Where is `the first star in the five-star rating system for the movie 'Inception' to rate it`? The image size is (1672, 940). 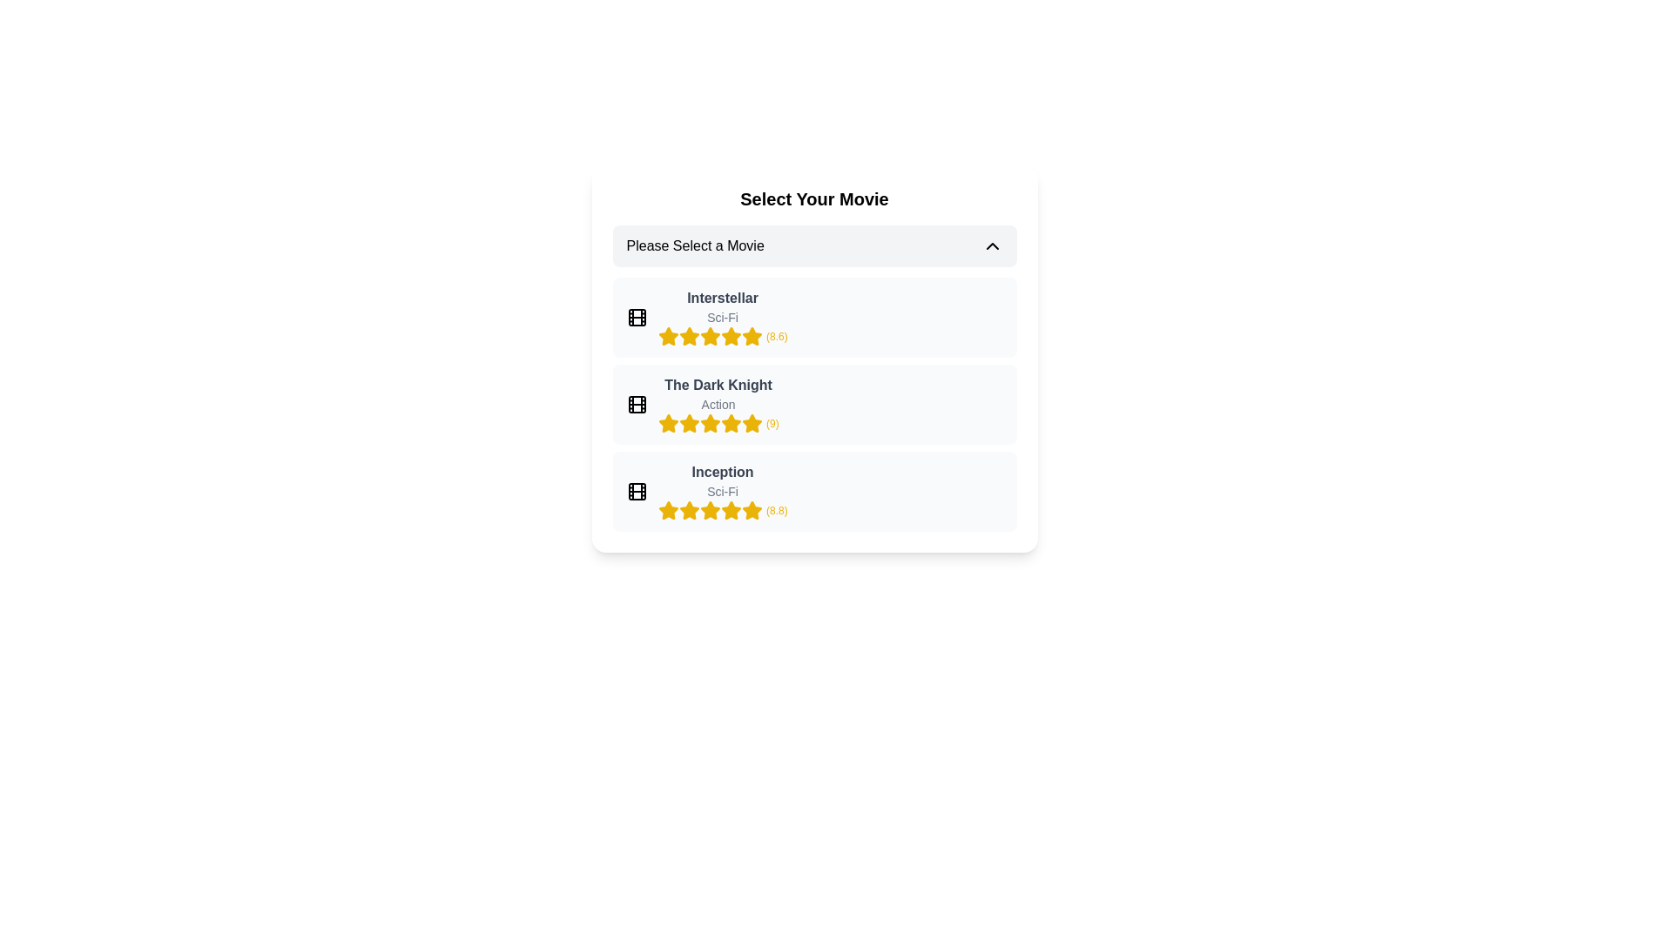
the first star in the five-star rating system for the movie 'Inception' to rate it is located at coordinates (667, 509).